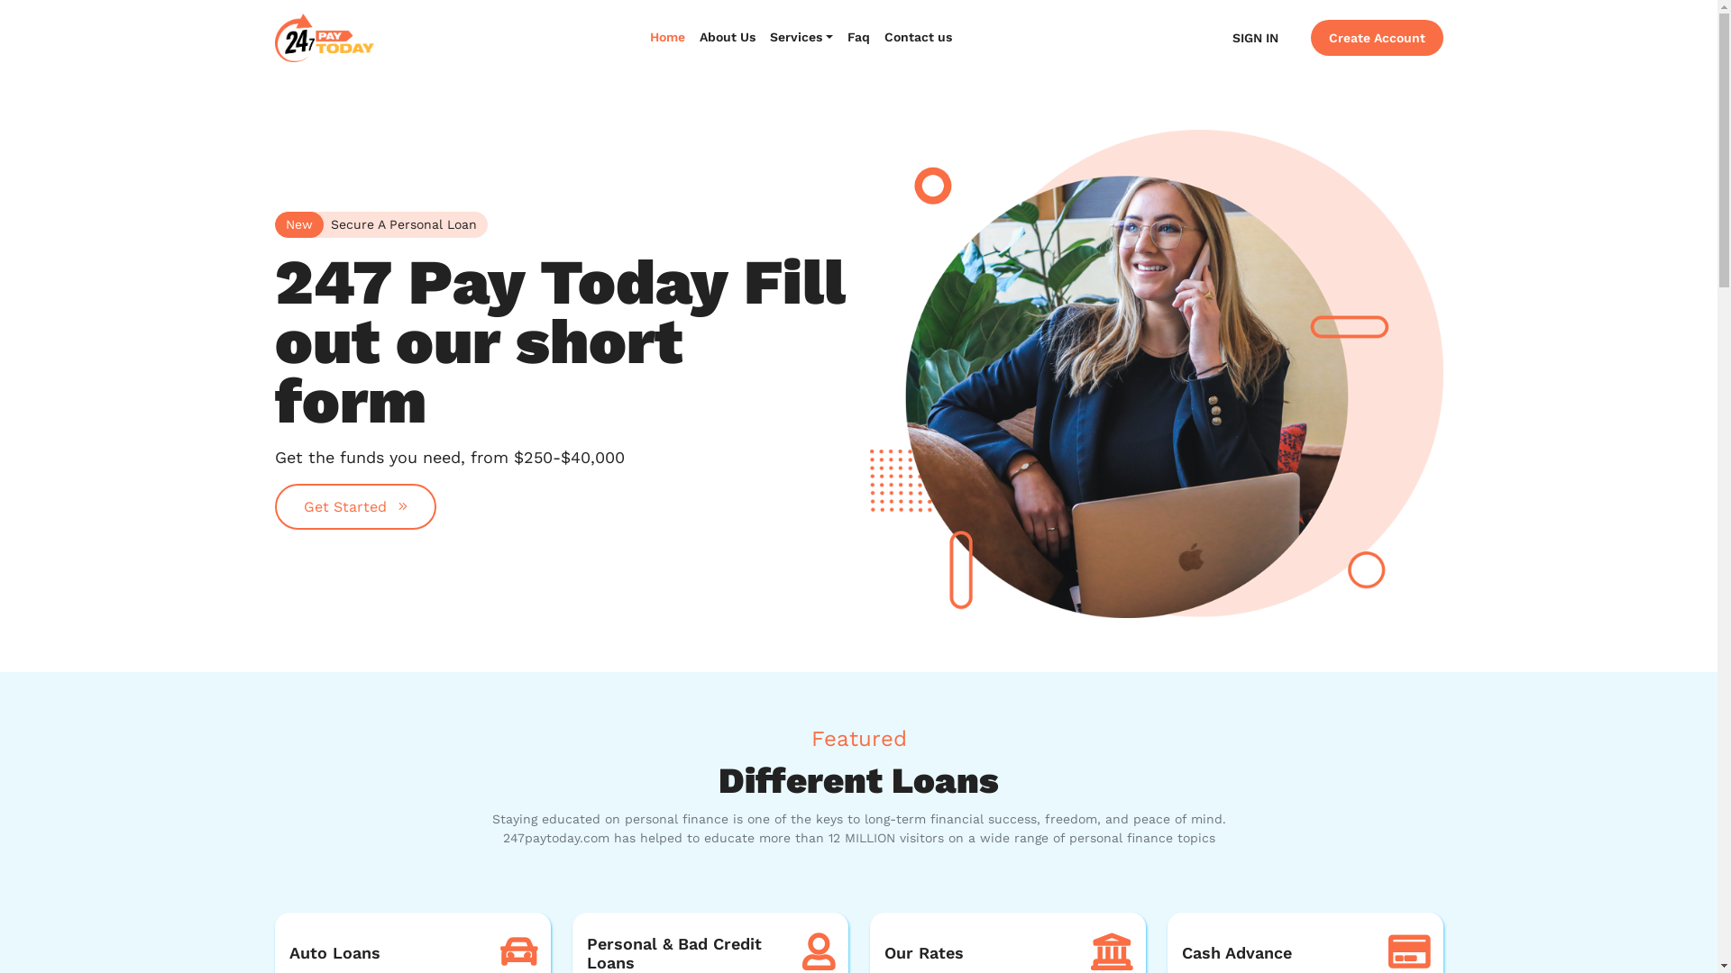 The width and height of the screenshot is (1731, 973). What do you see at coordinates (727, 37) in the screenshot?
I see `'About Us'` at bounding box center [727, 37].